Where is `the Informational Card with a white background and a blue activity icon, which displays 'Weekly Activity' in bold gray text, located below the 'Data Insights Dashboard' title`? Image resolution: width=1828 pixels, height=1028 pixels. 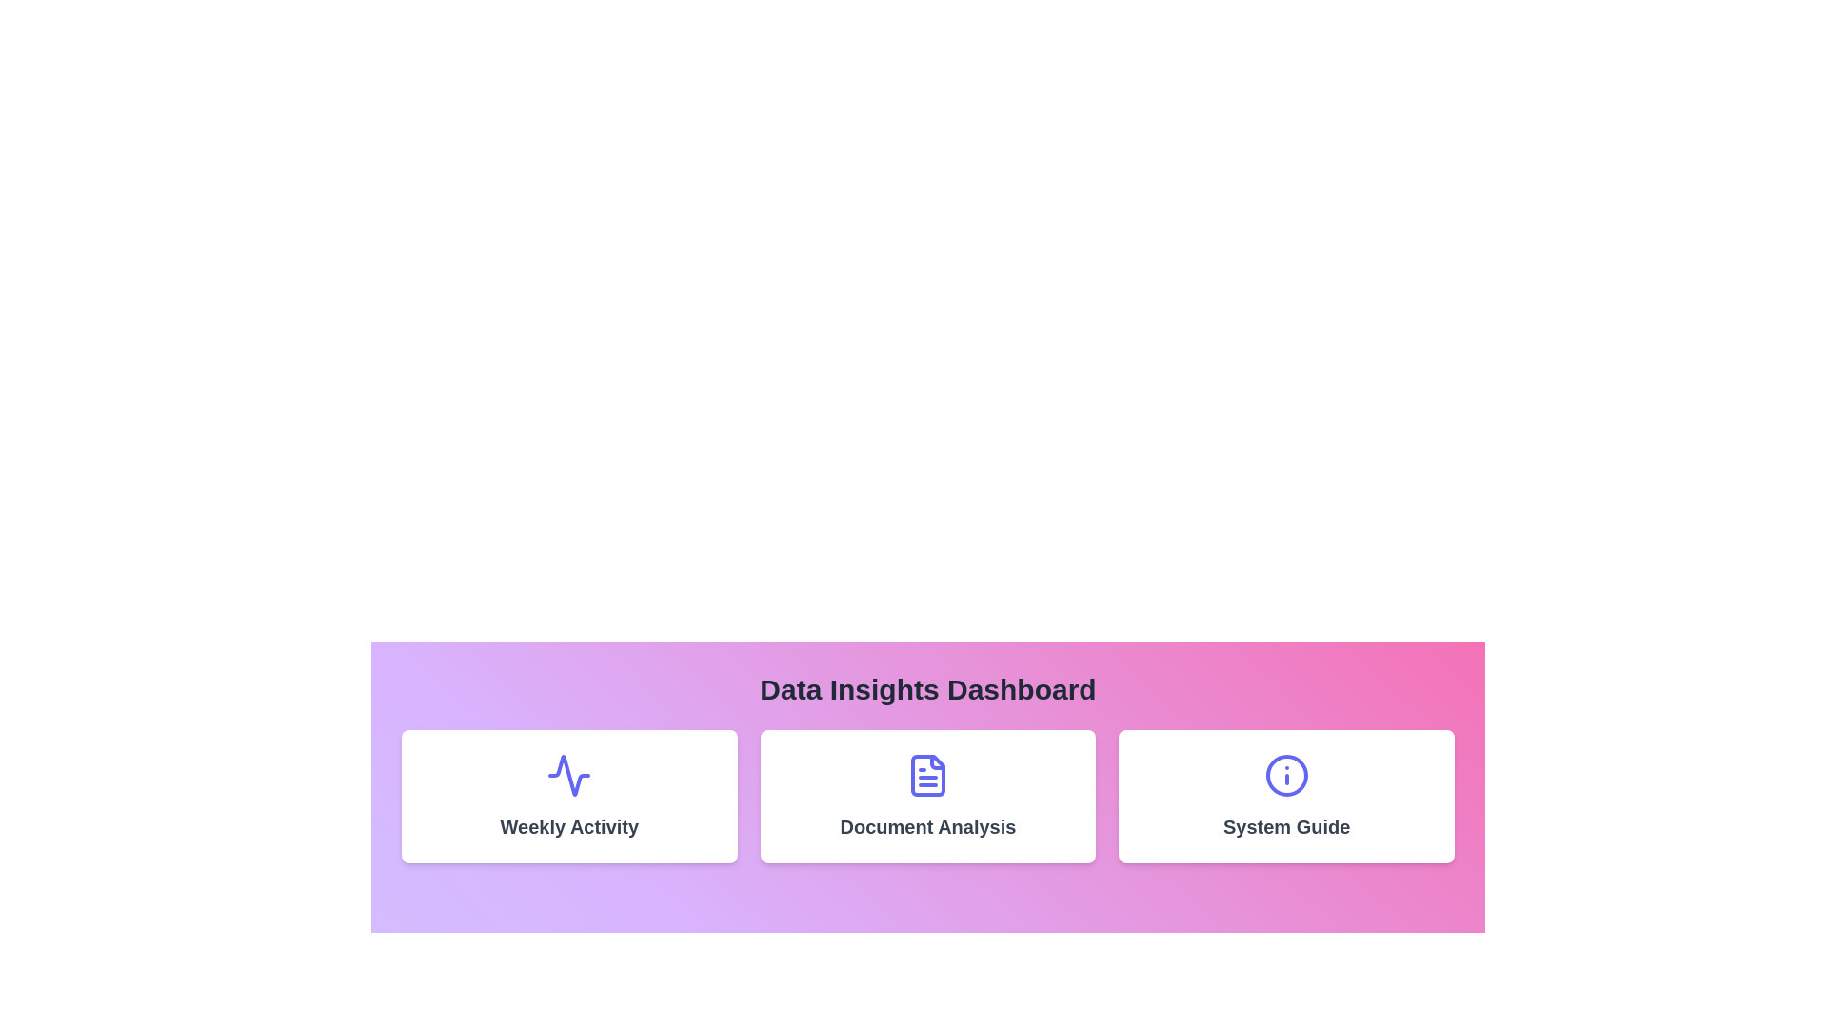 the Informational Card with a white background and a blue activity icon, which displays 'Weekly Activity' in bold gray text, located below the 'Data Insights Dashboard' title is located at coordinates (568, 797).